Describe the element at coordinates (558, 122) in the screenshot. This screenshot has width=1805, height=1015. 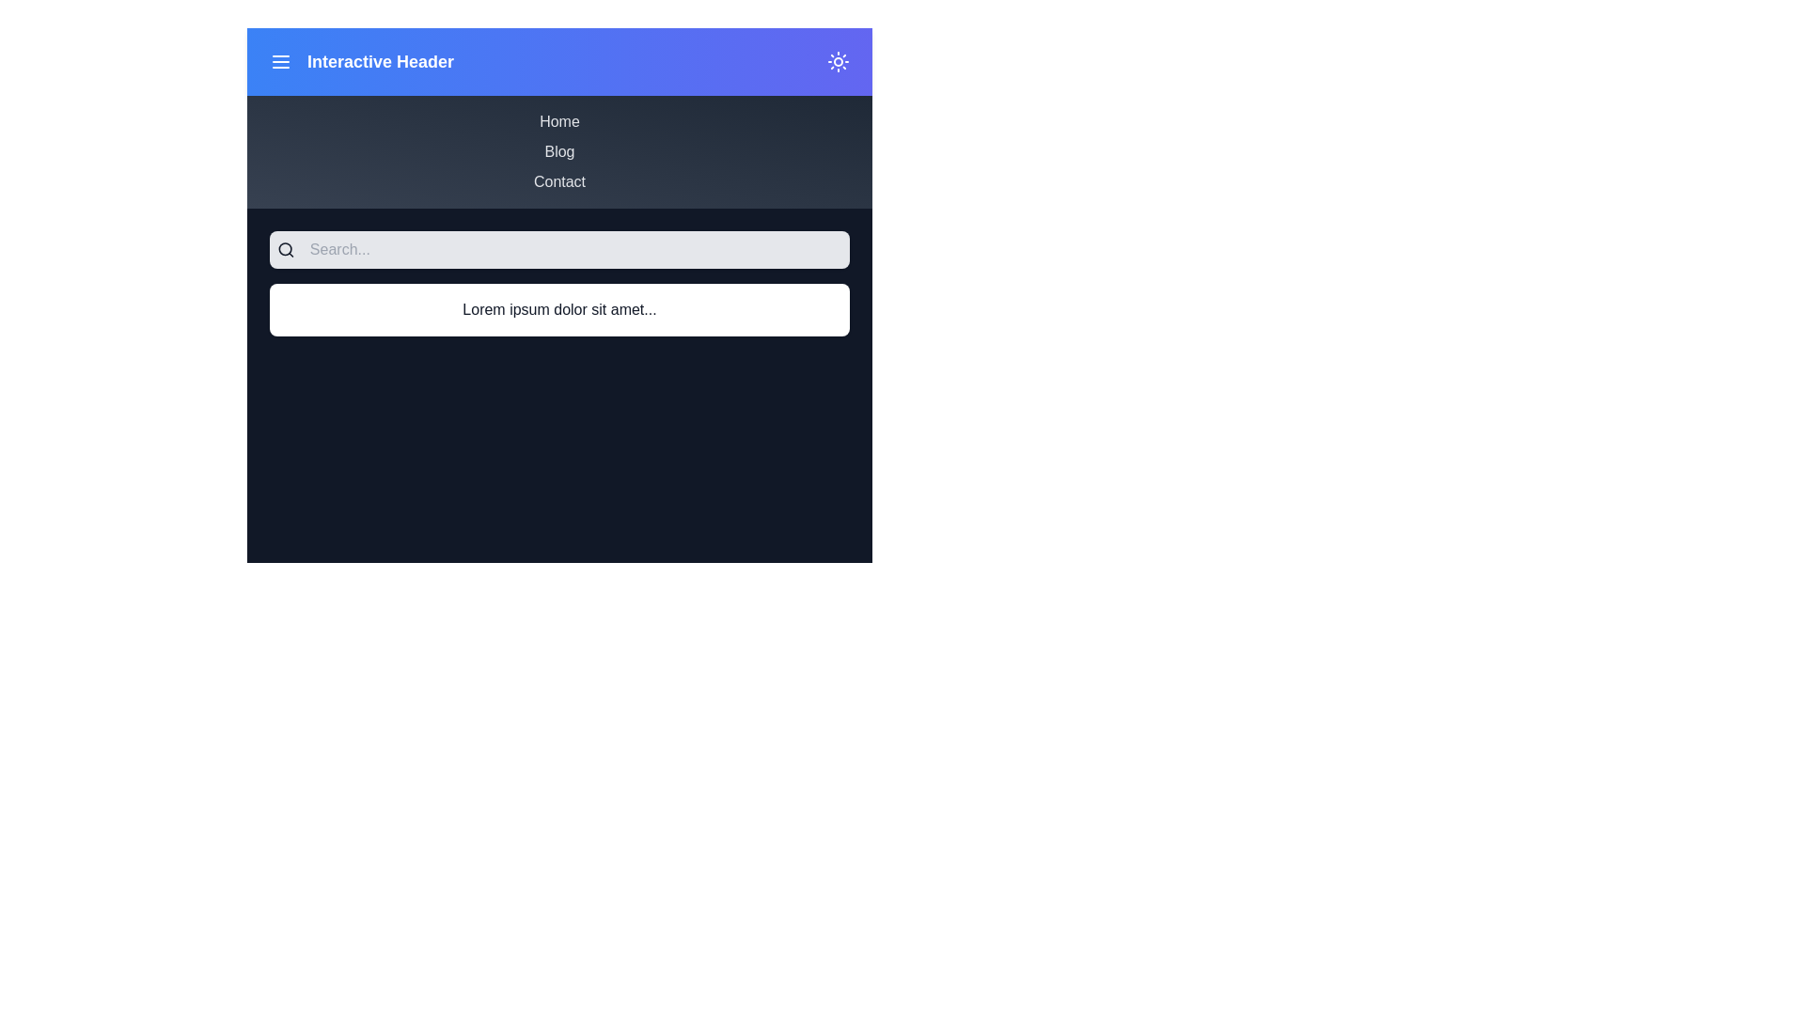
I see `the menu item Home from the menu` at that location.